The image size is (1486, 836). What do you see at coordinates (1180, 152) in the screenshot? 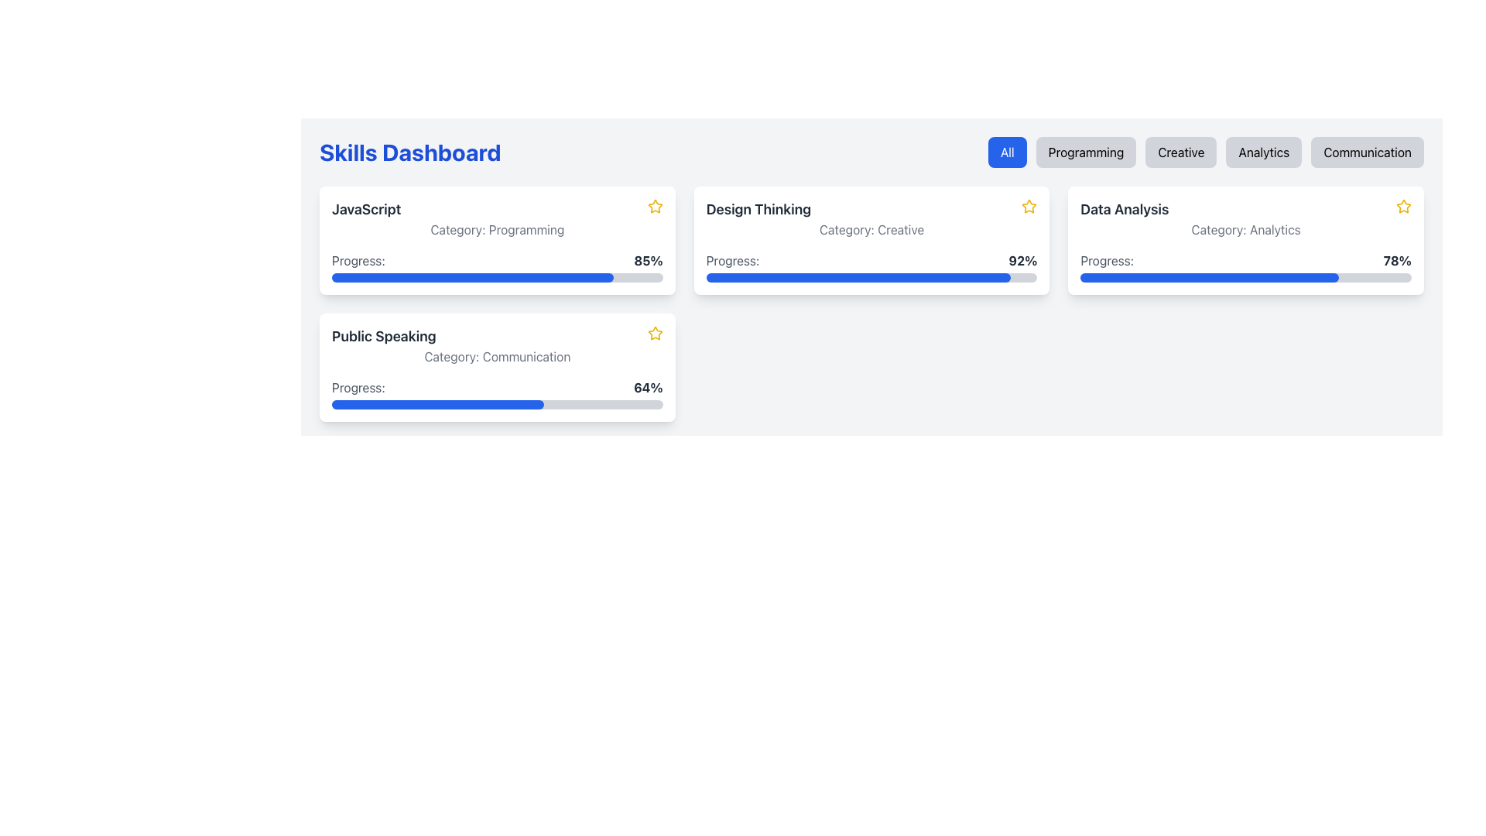
I see `the 'Creative' button, which is a rectangular button with rounded edges, gray background, and changes to blue with white text on hover, located in the top-right portion of the interface as the third item in a horizontal group of five buttons` at bounding box center [1180, 152].